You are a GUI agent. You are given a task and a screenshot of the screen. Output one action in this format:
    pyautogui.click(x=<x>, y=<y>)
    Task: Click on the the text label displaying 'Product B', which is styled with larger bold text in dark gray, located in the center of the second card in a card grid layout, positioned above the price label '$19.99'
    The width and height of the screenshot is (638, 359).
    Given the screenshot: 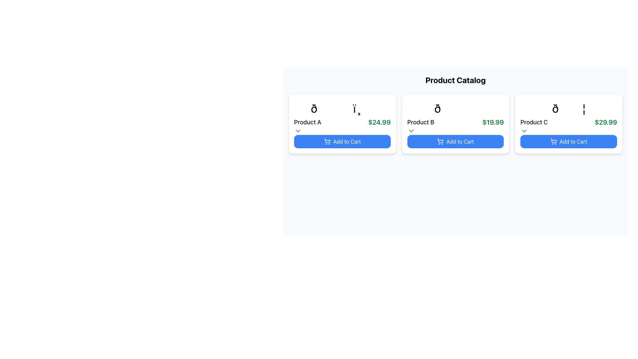 What is the action you would take?
    pyautogui.click(x=420, y=122)
    